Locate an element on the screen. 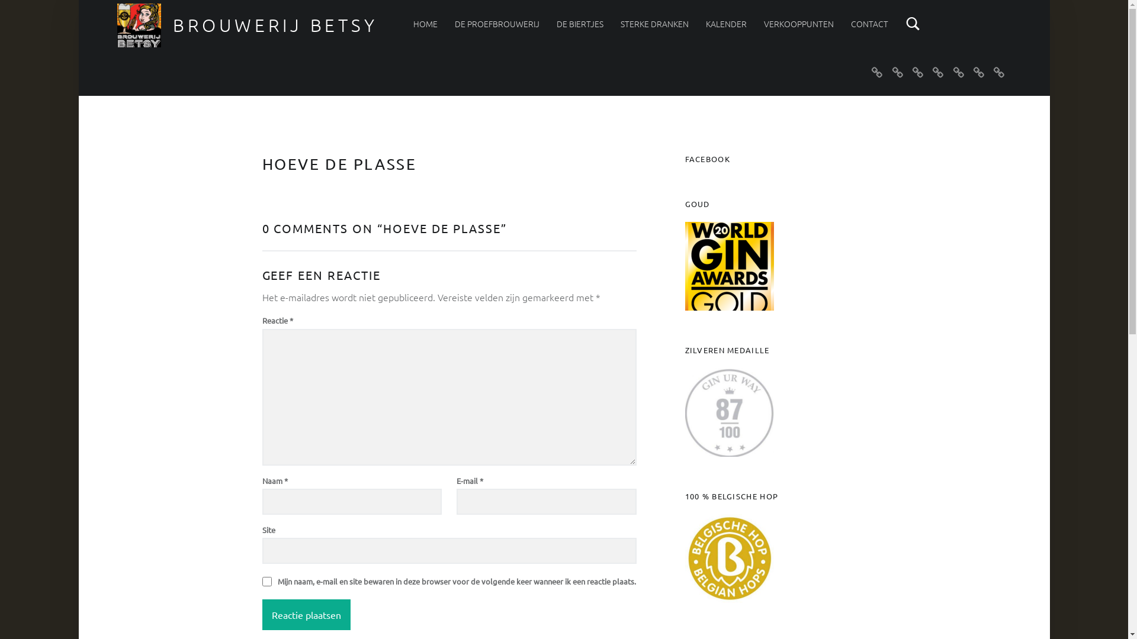  'KALENDER' is located at coordinates (725, 23).